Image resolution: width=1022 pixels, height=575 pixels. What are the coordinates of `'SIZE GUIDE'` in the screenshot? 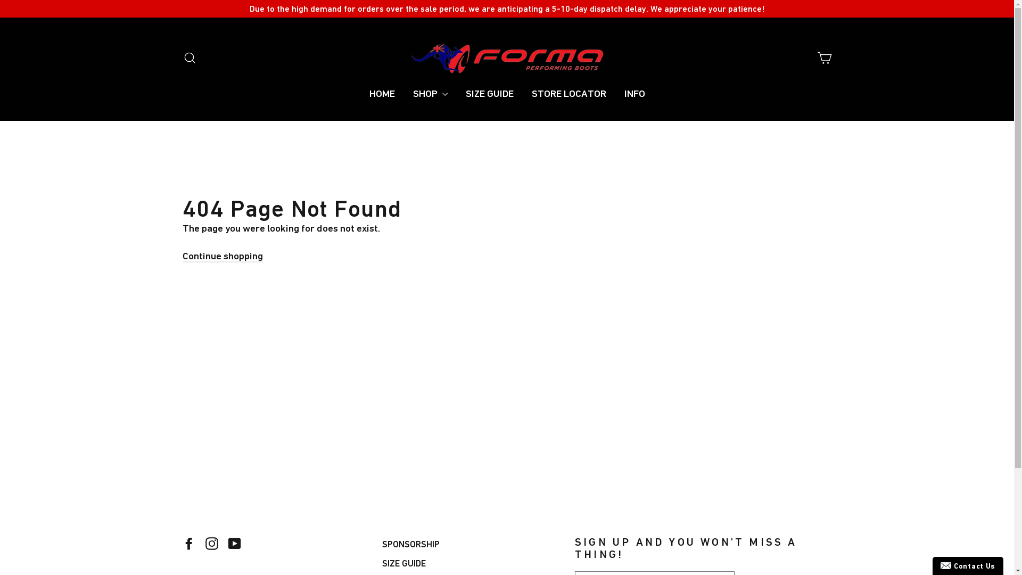 It's located at (489, 93).